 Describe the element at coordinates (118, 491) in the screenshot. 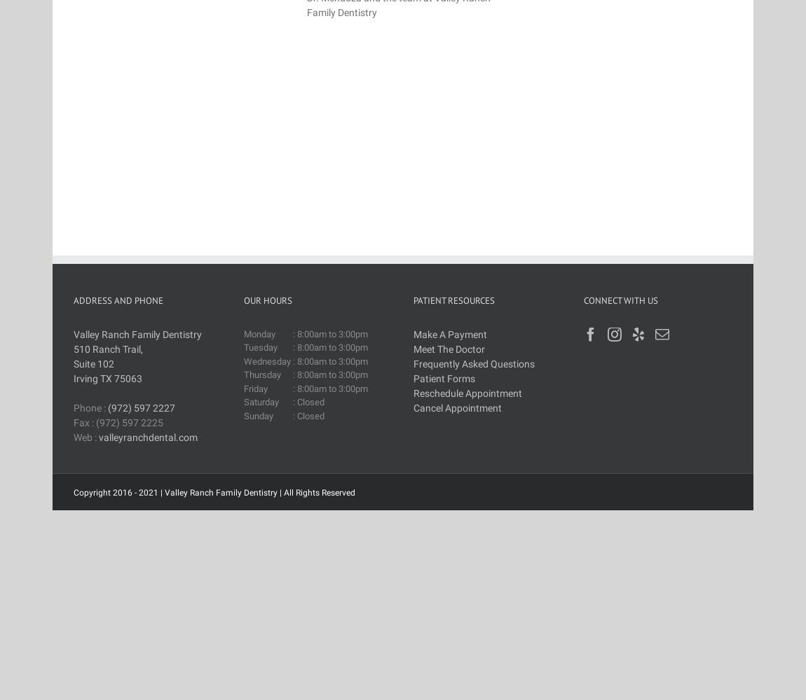

I see `'Copyright 2016 - 2021 |'` at that location.